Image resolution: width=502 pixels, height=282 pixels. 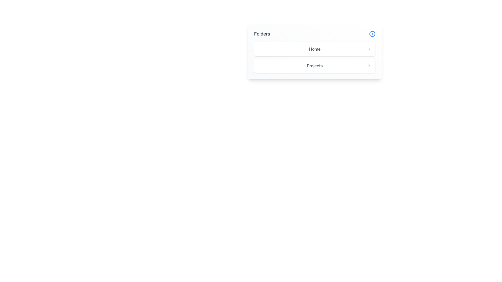 What do you see at coordinates (315, 57) in the screenshot?
I see `the 'Home' option in the Menu/List Component located under the 'Folders' card` at bounding box center [315, 57].